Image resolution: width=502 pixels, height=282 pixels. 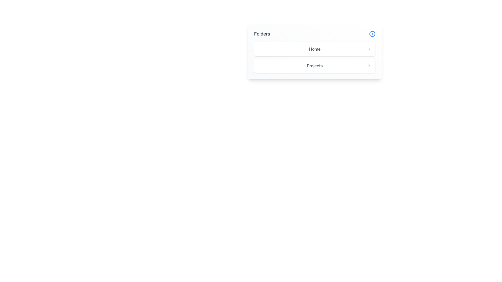 What do you see at coordinates (315, 57) in the screenshot?
I see `the 'Home' option in the Menu/List Component located under the 'Folders' card` at bounding box center [315, 57].